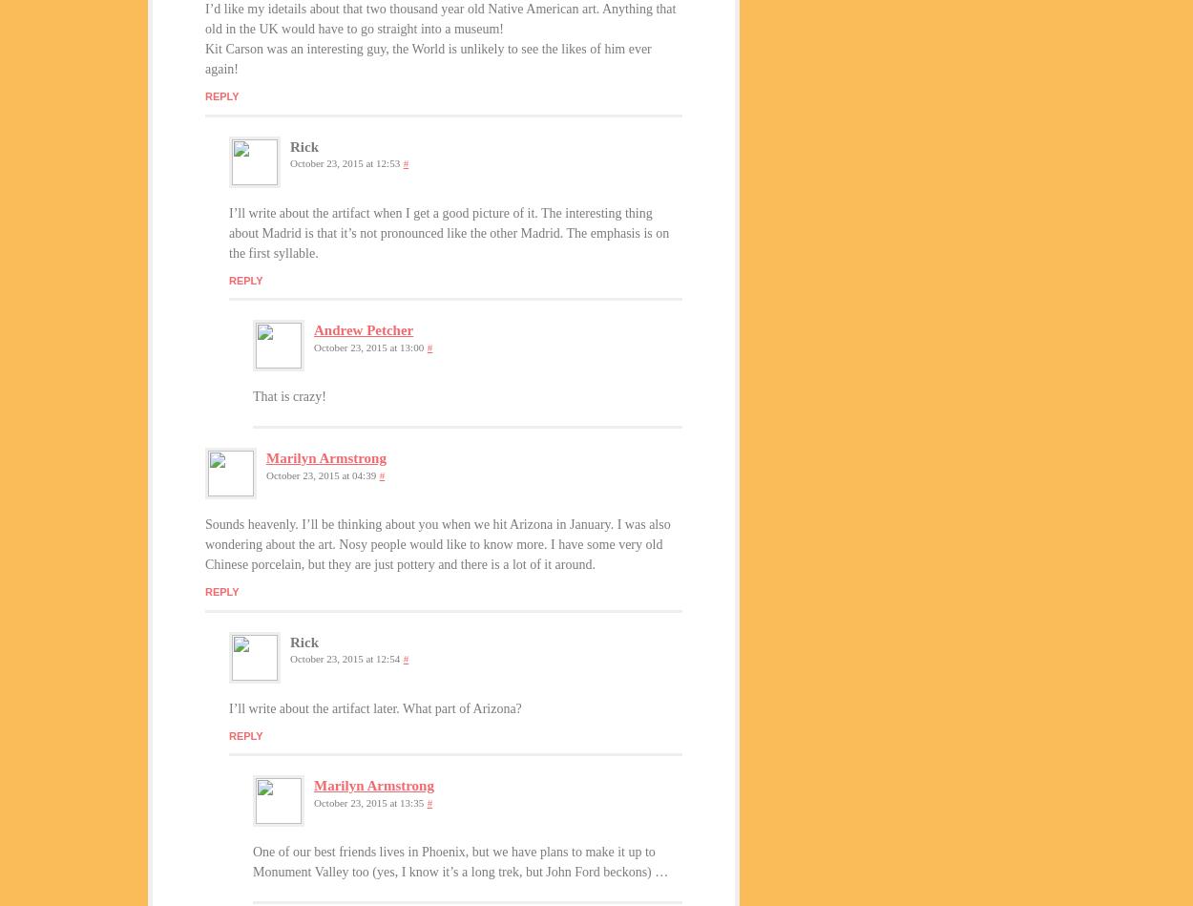 The height and width of the screenshot is (906, 1193). What do you see at coordinates (436, 543) in the screenshot?
I see `'Sounds heavenly. I’ll be thinking about you when we hit Arizona in January. I was also wondering about the art. Nosy people would like to know more. I have some very old Chinese porcelain, but they are just pottery and there is a lot of it around.'` at bounding box center [436, 543].